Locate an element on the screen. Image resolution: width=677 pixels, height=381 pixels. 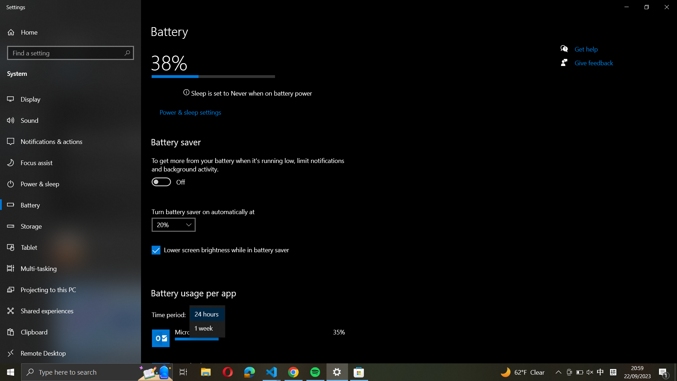
the Storage settings from the panel on the left is located at coordinates (71, 227).